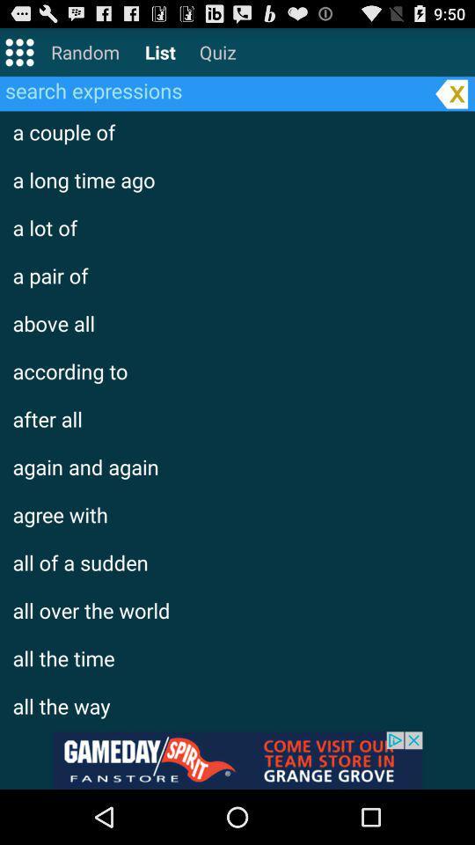 The height and width of the screenshot is (845, 475). I want to click on search input, so click(215, 90).